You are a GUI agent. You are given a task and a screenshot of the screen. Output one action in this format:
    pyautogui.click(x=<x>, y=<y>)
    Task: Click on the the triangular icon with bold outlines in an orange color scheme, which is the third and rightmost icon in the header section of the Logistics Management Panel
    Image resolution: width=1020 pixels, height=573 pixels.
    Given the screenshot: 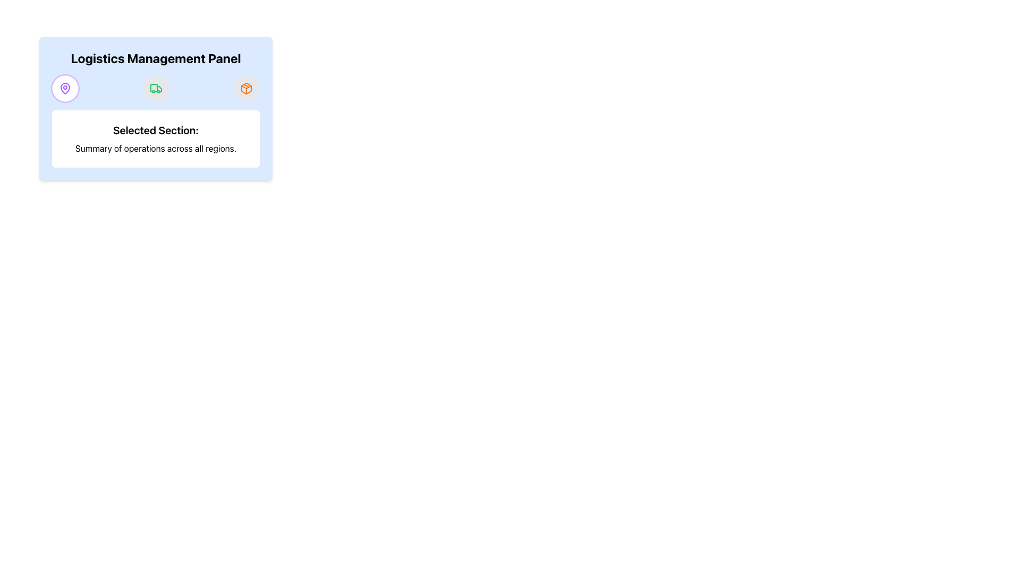 What is the action you would take?
    pyautogui.click(x=246, y=88)
    